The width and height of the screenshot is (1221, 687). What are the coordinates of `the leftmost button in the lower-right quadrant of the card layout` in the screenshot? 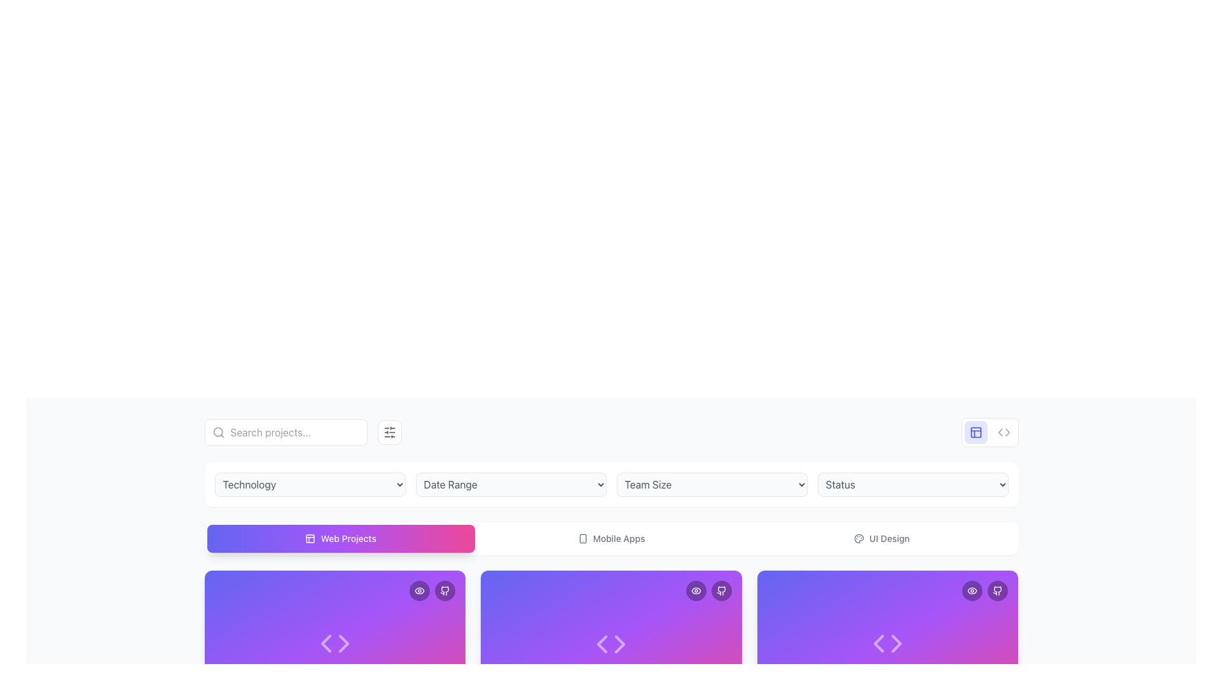 It's located at (878, 644).